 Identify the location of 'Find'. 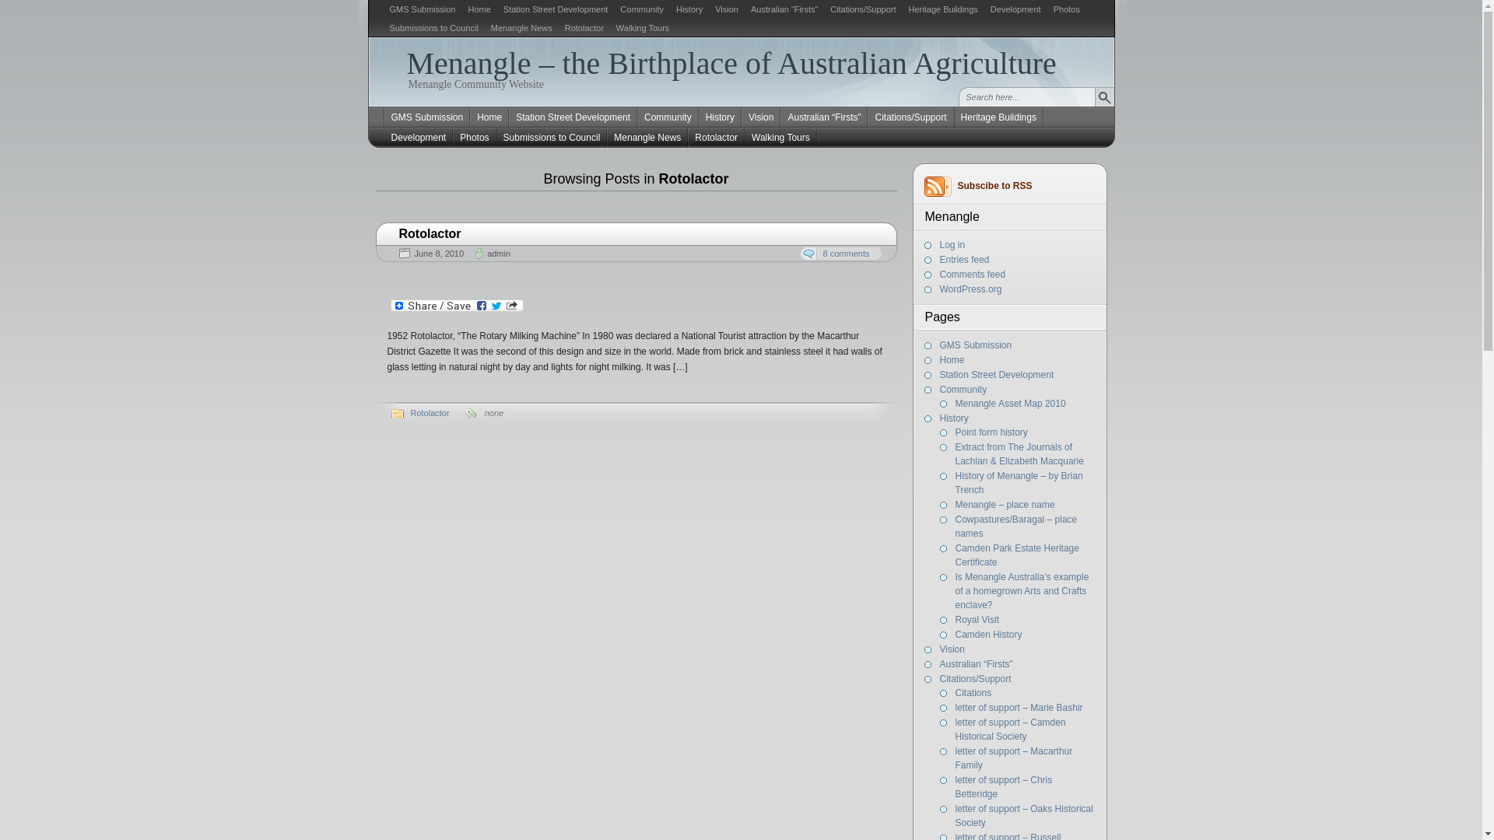
(1103, 96).